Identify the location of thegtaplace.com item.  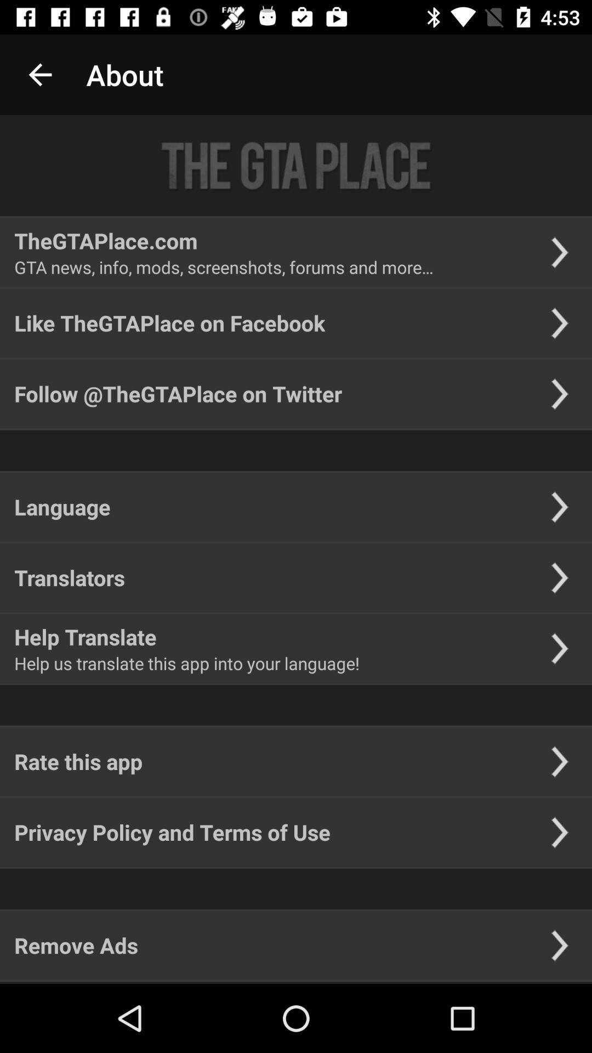
(106, 240).